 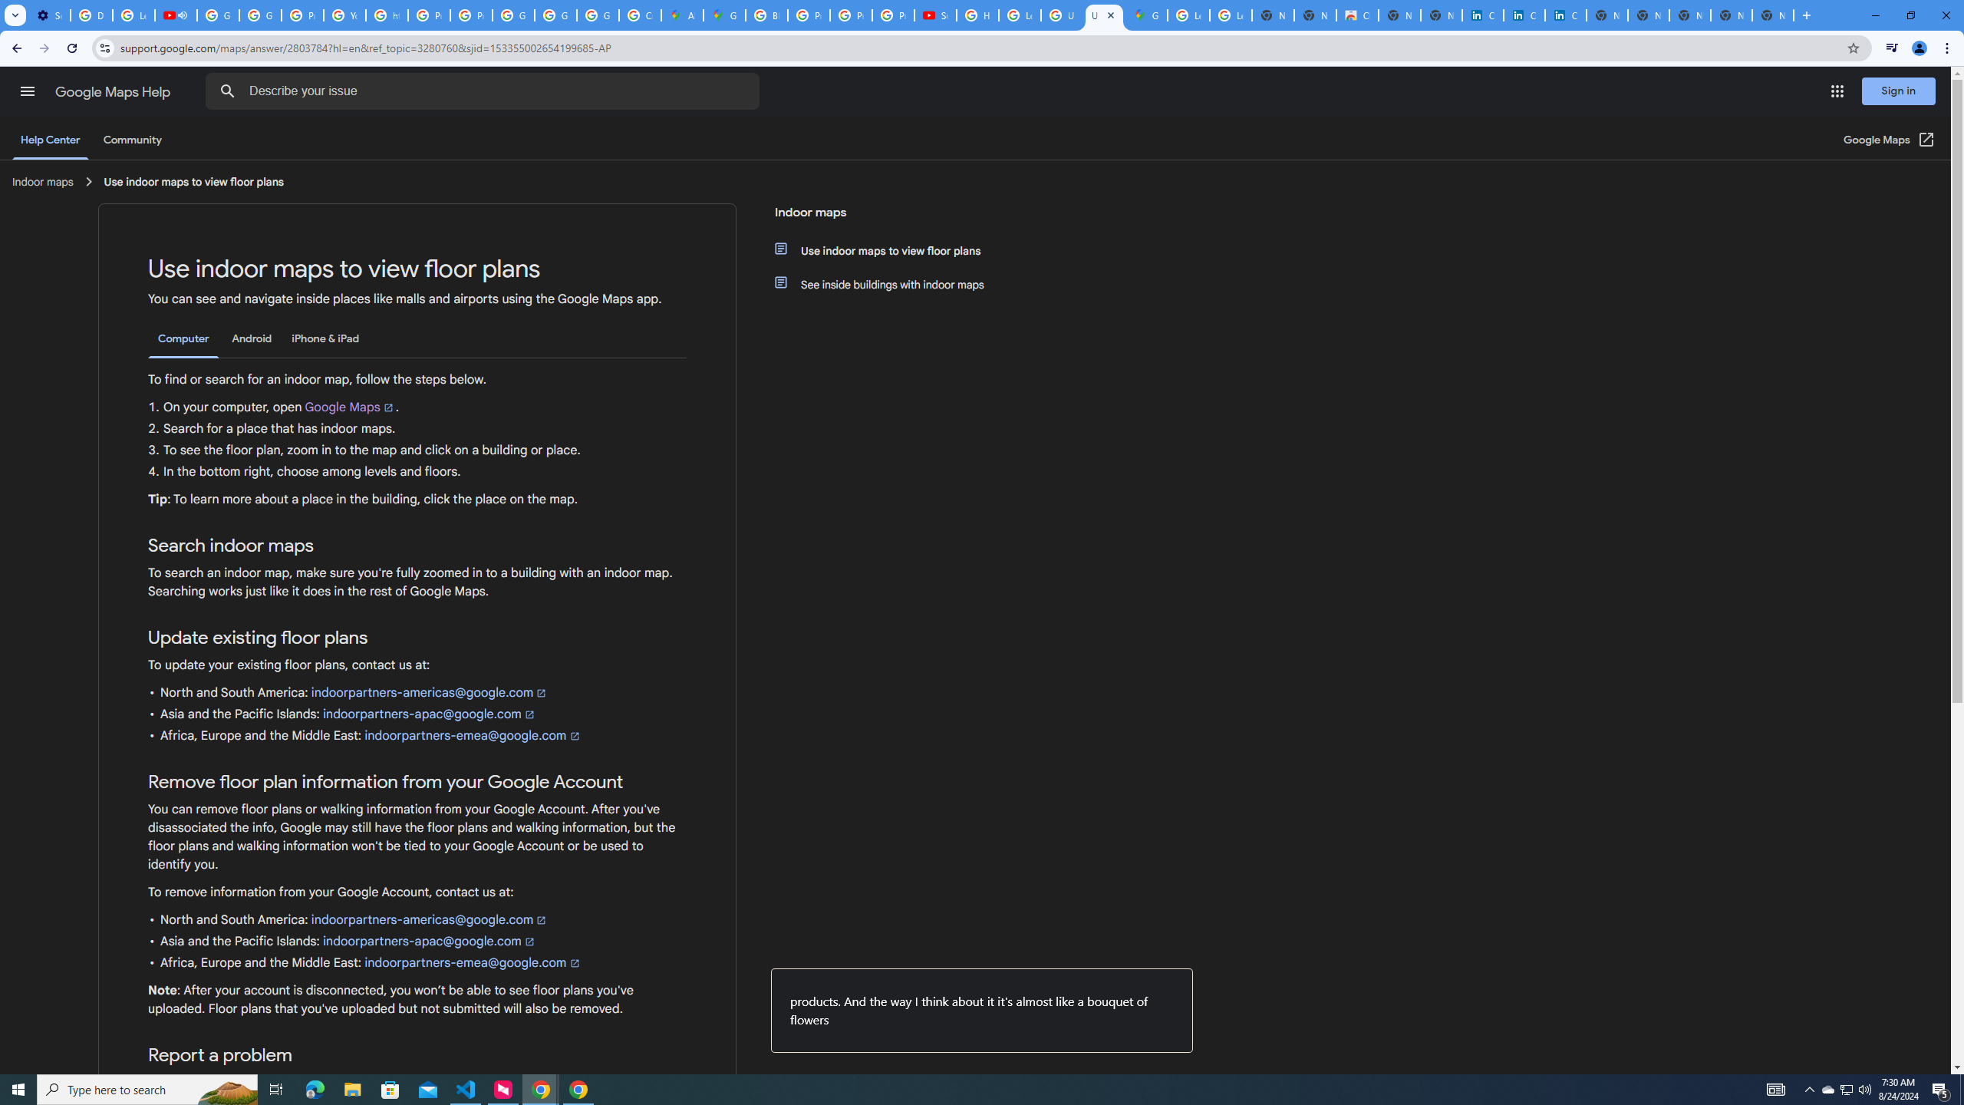 I want to click on 'Google Maps Help', so click(x=114, y=91).